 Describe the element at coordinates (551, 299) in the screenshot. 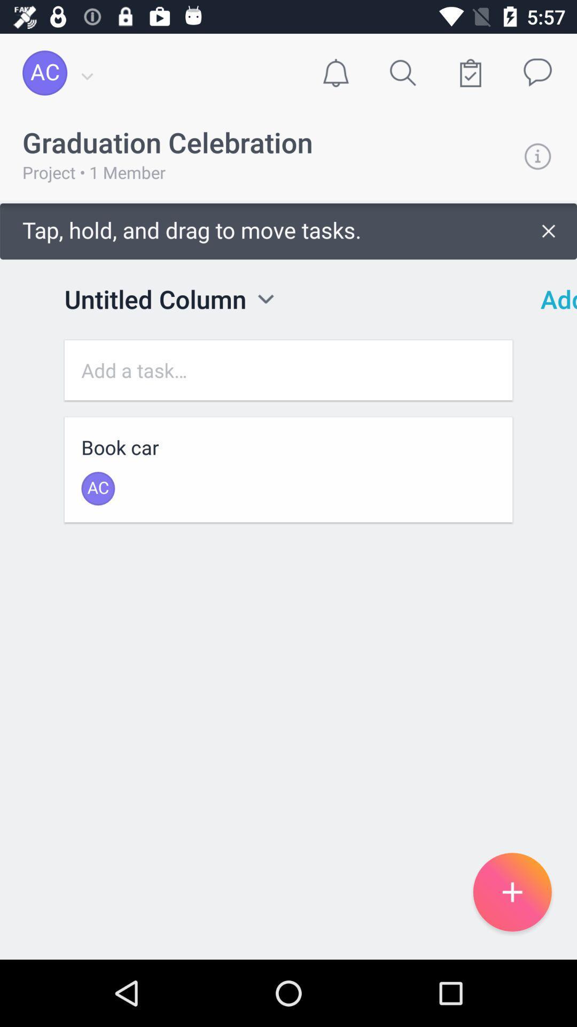

I see `icon below tap hold and item` at that location.